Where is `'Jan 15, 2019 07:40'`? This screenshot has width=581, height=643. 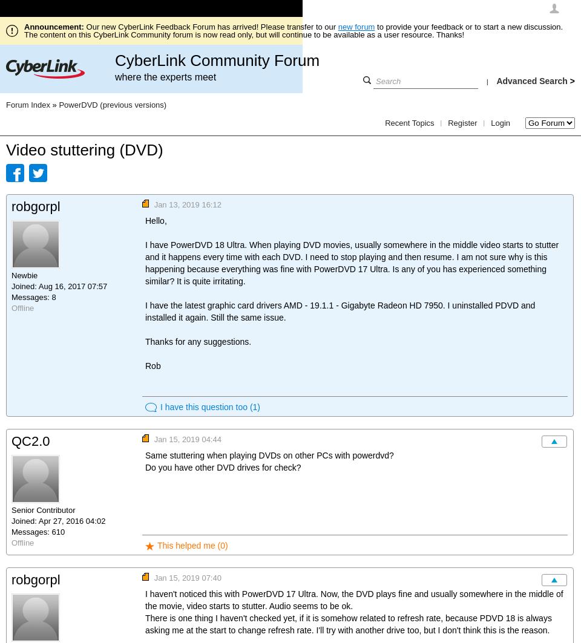
'Jan 15, 2019 07:40' is located at coordinates (187, 577).